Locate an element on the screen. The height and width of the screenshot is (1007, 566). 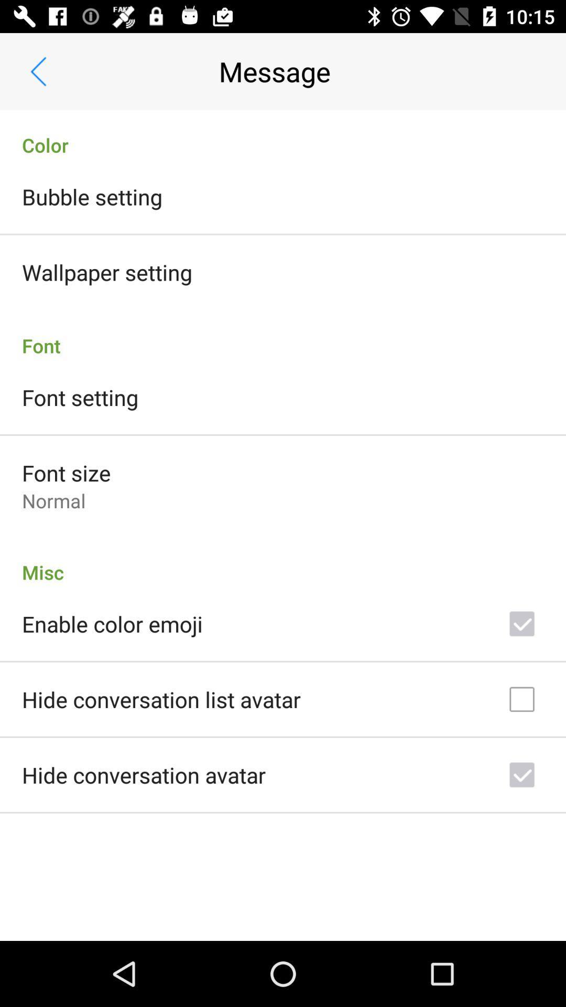
the font size icon is located at coordinates (66, 472).